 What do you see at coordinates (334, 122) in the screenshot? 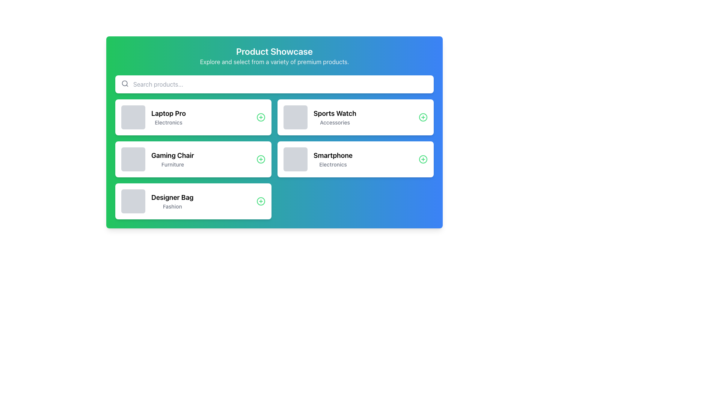
I see `the Static Text Label displaying 'Accessories', located directly below 'Sports Watch' in the right-side card of the second row in the grid layout` at bounding box center [334, 122].